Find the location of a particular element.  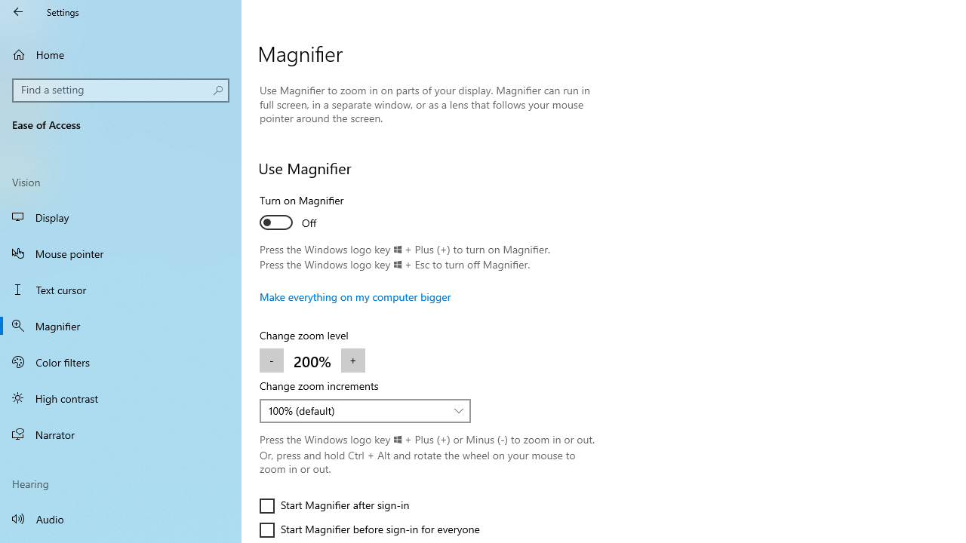

'Home' is located at coordinates (121, 54).